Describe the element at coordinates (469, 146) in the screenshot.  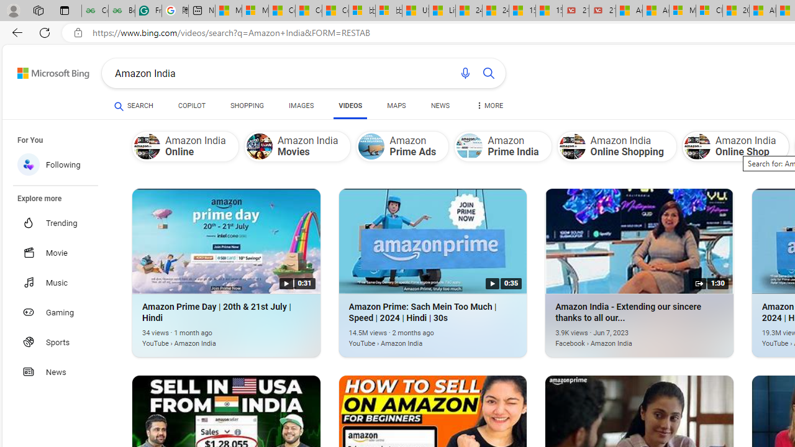
I see `'Amazon Prime India'` at that location.